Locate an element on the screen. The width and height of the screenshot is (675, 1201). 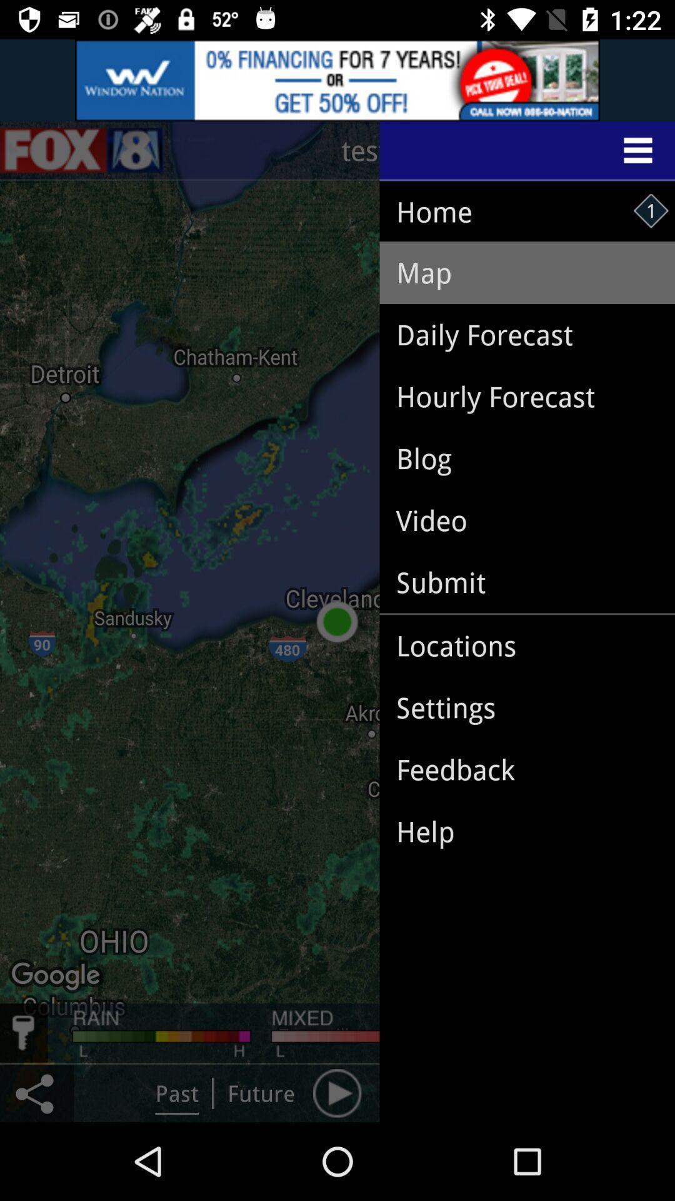
the sliders icon is located at coordinates (82, 150).